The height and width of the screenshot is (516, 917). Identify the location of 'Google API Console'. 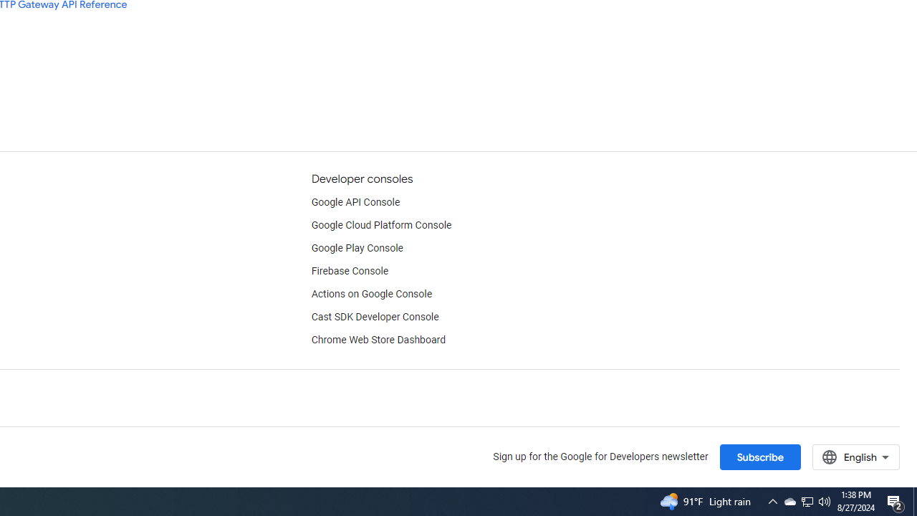
(355, 202).